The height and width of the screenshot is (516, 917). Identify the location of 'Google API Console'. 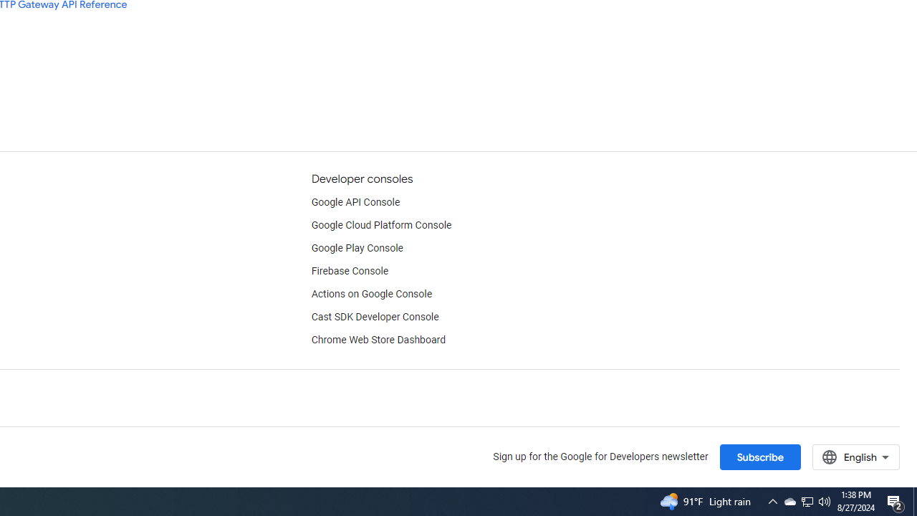
(355, 202).